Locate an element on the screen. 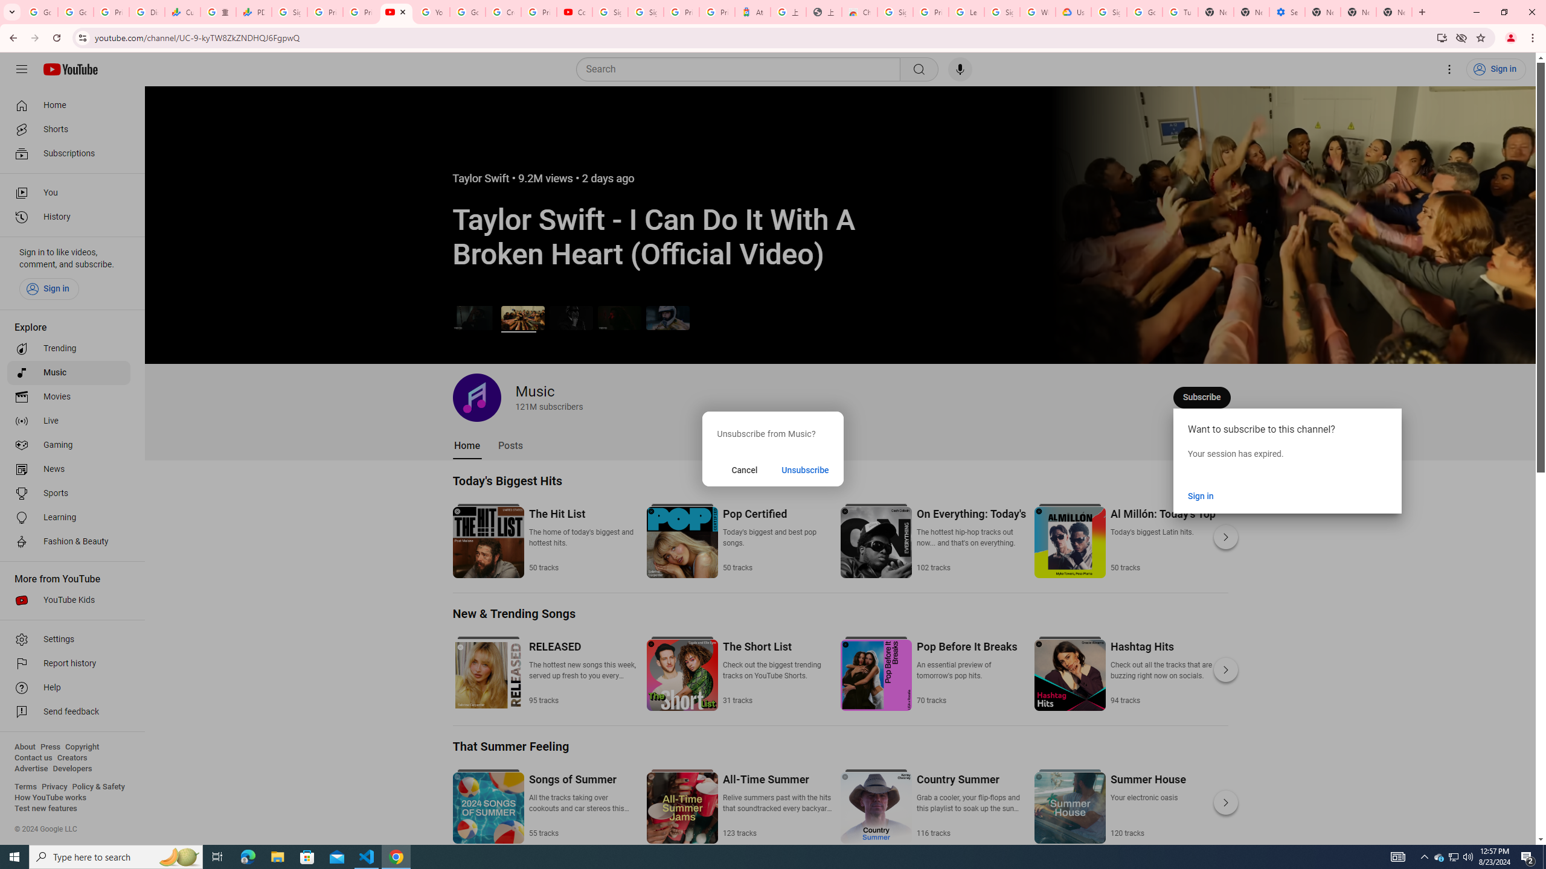 This screenshot has width=1546, height=869. 'Sports' is located at coordinates (68, 492).